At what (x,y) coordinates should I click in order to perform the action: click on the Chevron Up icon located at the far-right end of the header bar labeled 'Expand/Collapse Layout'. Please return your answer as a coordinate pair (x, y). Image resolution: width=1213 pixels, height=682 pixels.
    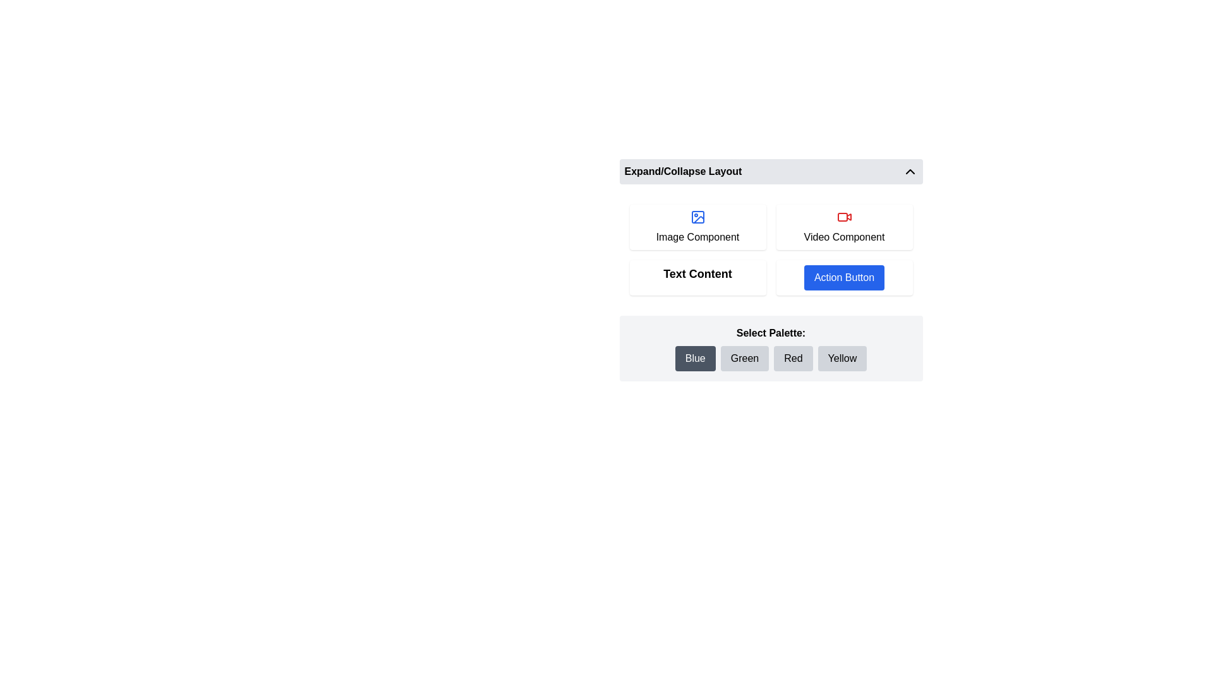
    Looking at the image, I should click on (910, 172).